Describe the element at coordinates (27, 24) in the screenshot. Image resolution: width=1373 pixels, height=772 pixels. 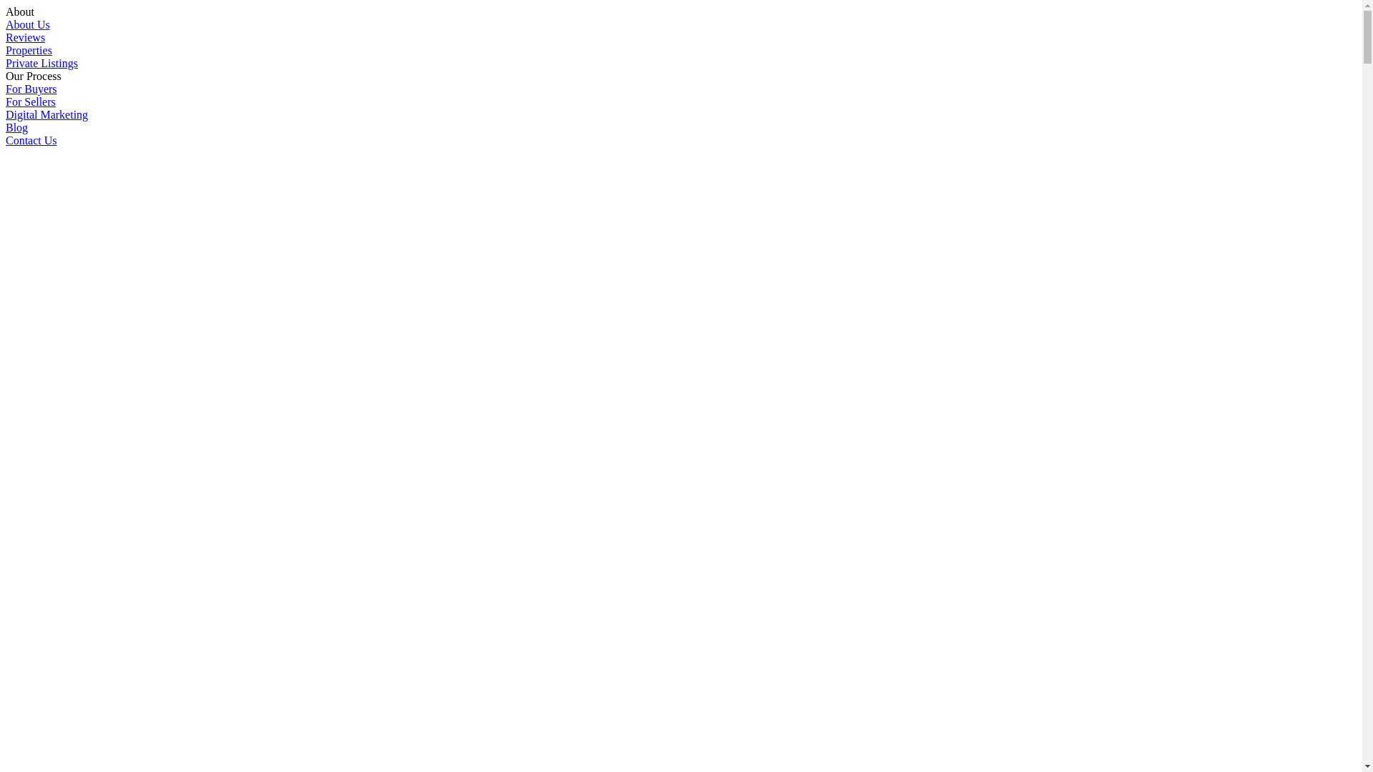
I see `'About Us'` at that location.